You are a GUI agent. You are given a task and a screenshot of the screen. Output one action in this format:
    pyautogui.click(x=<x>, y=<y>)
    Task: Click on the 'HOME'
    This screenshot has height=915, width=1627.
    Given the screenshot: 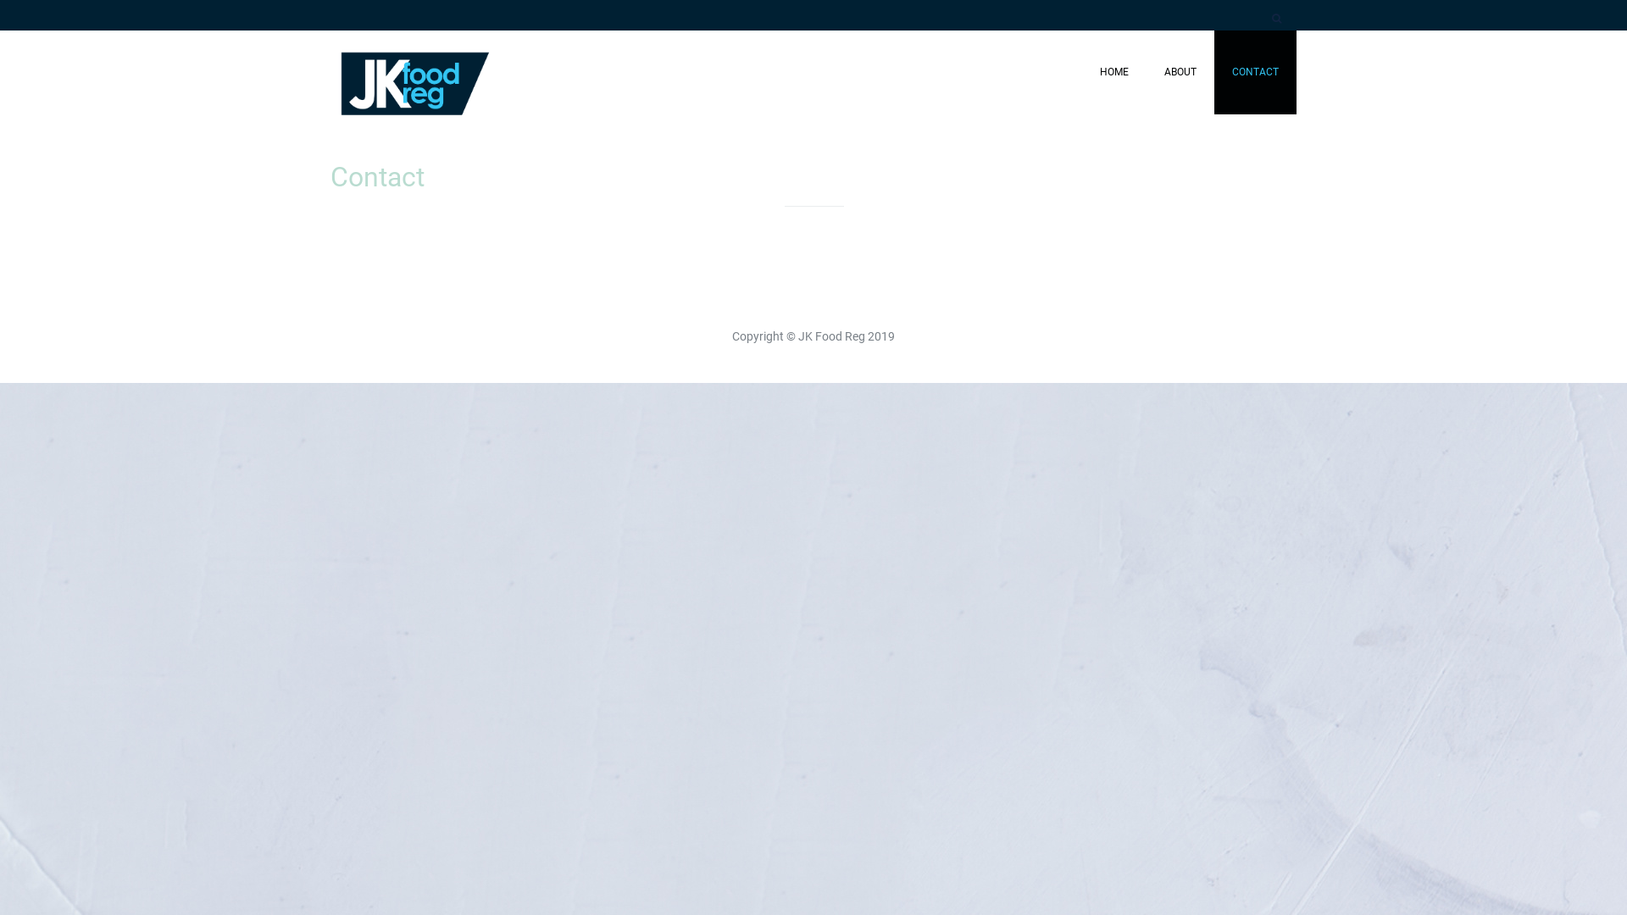 What is the action you would take?
    pyautogui.click(x=1114, y=71)
    